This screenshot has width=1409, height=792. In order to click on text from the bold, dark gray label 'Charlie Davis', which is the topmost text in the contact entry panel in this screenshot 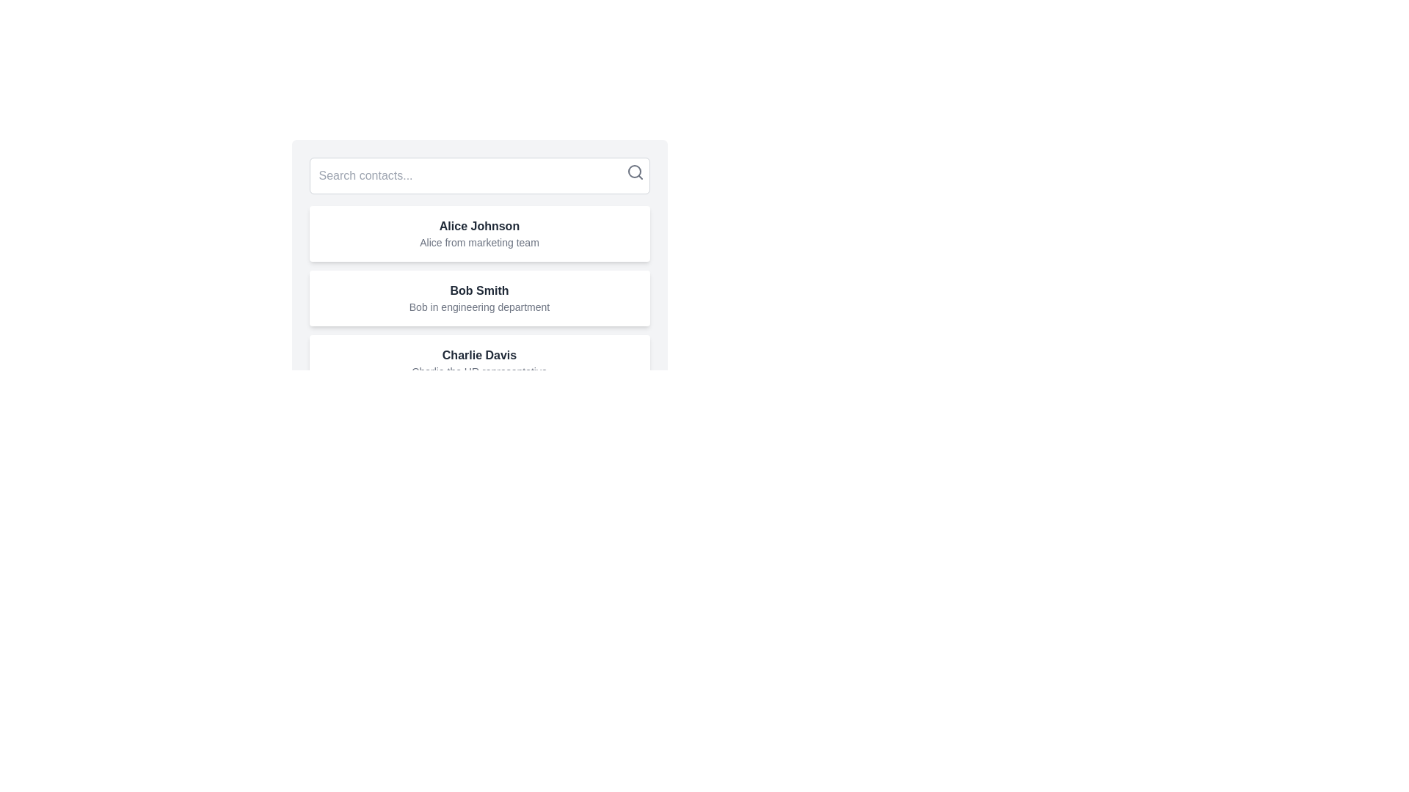, I will do `click(479, 356)`.